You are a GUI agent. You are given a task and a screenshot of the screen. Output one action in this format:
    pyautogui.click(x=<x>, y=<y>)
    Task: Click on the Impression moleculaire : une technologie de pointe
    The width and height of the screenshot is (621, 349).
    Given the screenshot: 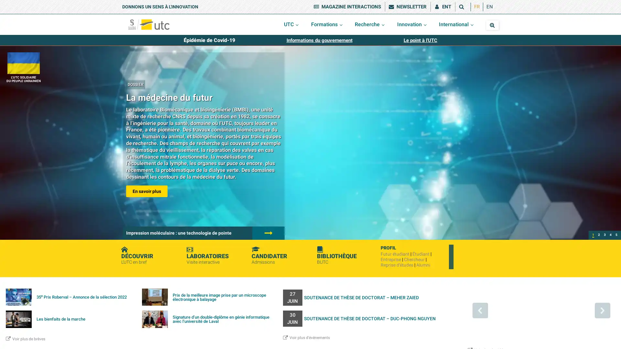 What is the action you would take?
    pyautogui.click(x=599, y=235)
    